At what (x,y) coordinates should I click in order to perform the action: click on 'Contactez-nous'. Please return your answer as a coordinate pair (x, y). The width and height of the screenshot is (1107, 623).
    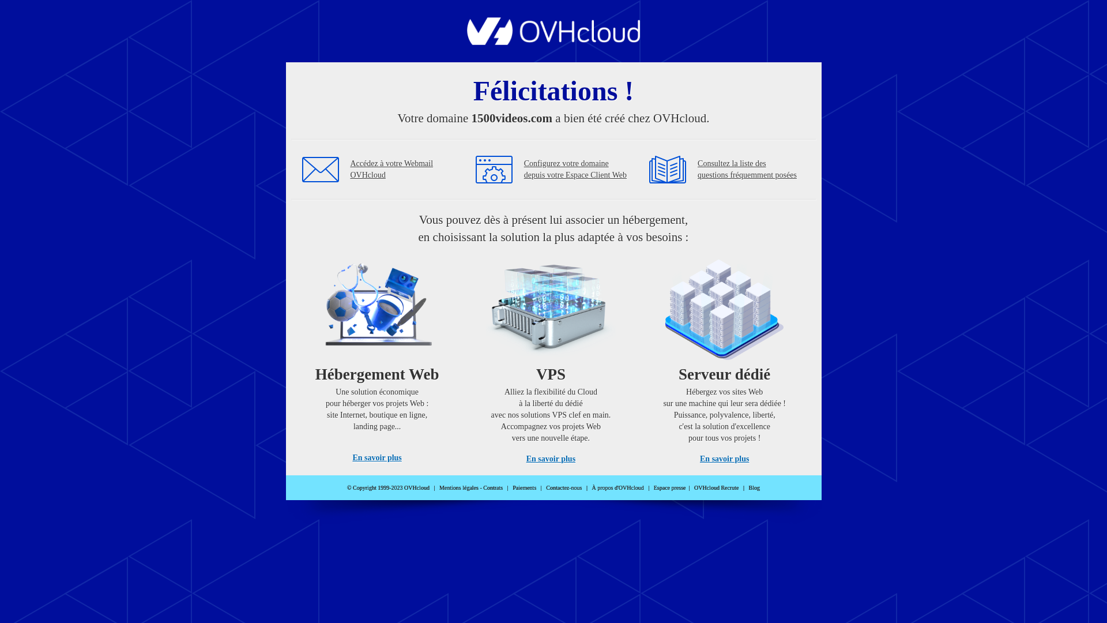
    Looking at the image, I should click on (564, 487).